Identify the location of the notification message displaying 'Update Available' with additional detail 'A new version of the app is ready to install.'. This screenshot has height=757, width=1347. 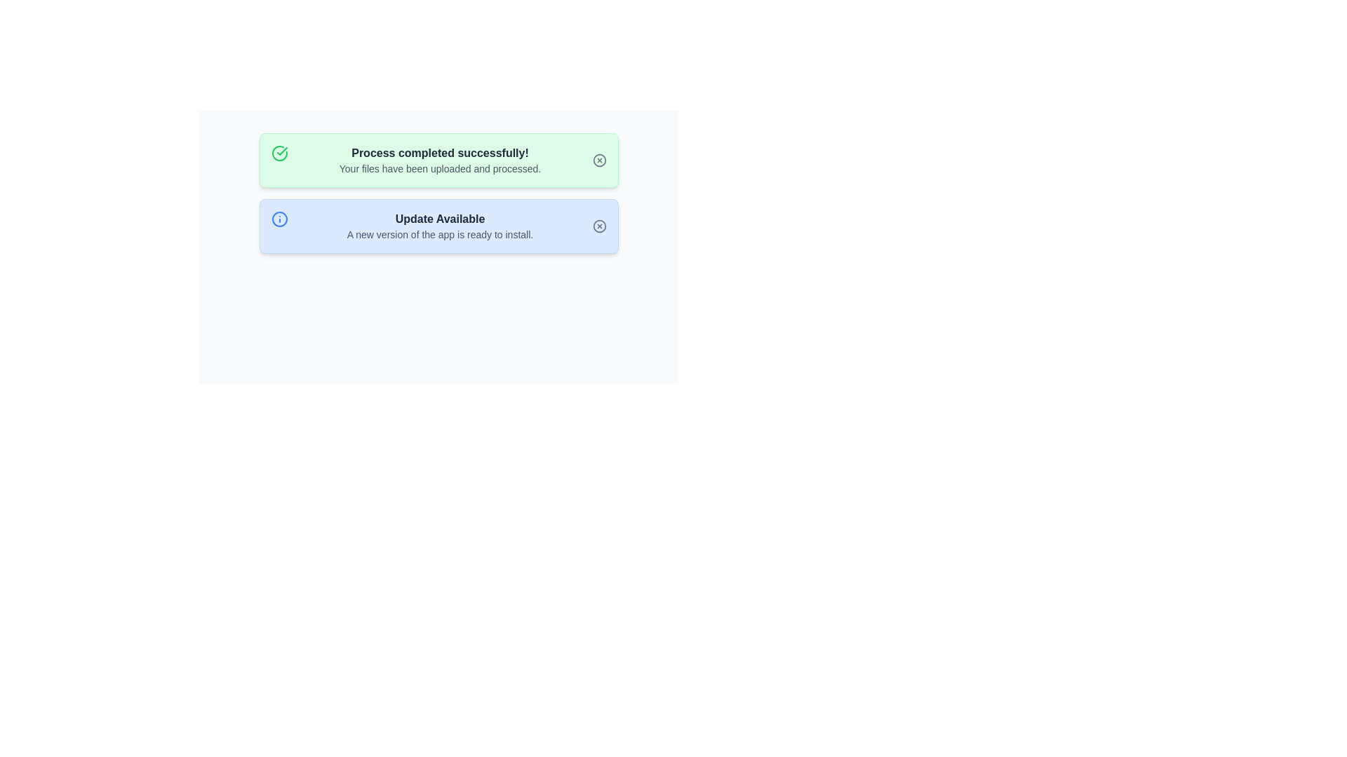
(439, 226).